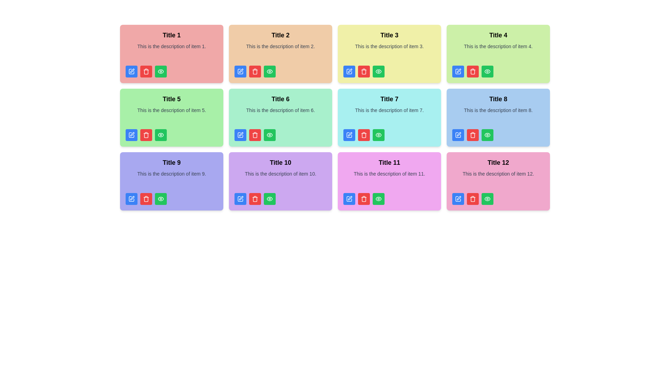 The height and width of the screenshot is (377, 670). Describe the element at coordinates (160, 199) in the screenshot. I see `the third button in the row below the card labeled 'Title 9'` at that location.